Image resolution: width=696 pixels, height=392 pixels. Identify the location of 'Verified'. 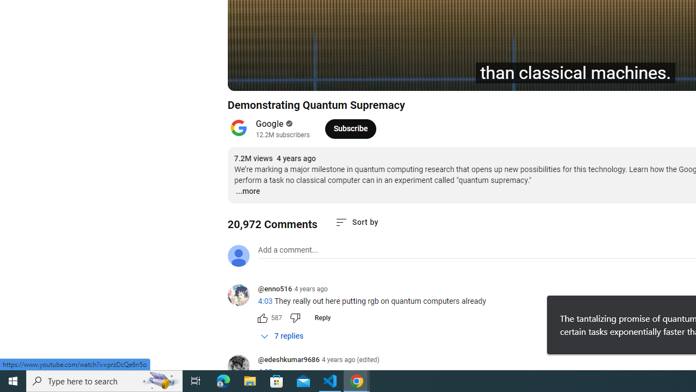
(288, 123).